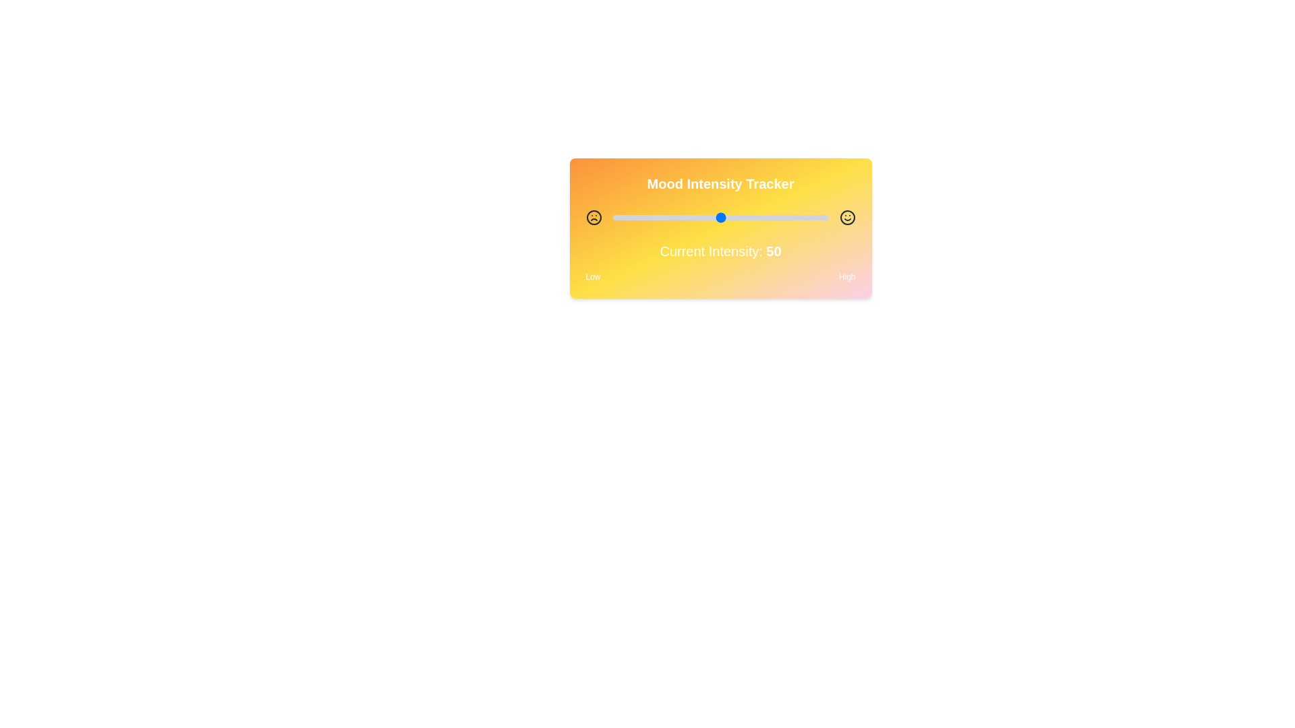  I want to click on the slider to set the intensity to 98, so click(824, 217).